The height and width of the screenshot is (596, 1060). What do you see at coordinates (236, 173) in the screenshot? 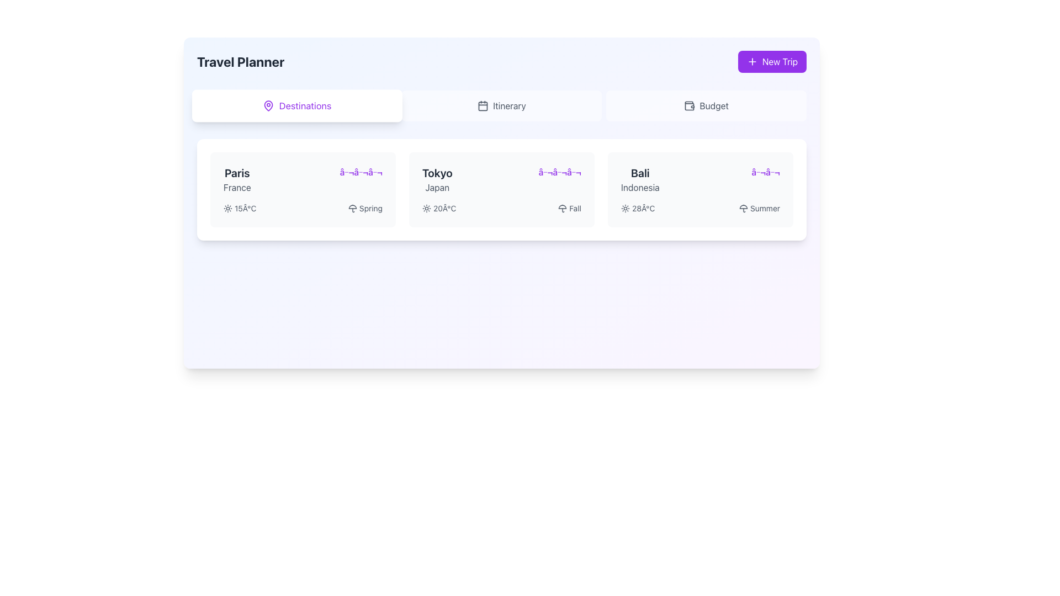
I see `the text label that serves as the header for the destination, indicating the city name, located in the top-left corner of the first card in a horizontal list, above the text 'France'` at bounding box center [236, 173].